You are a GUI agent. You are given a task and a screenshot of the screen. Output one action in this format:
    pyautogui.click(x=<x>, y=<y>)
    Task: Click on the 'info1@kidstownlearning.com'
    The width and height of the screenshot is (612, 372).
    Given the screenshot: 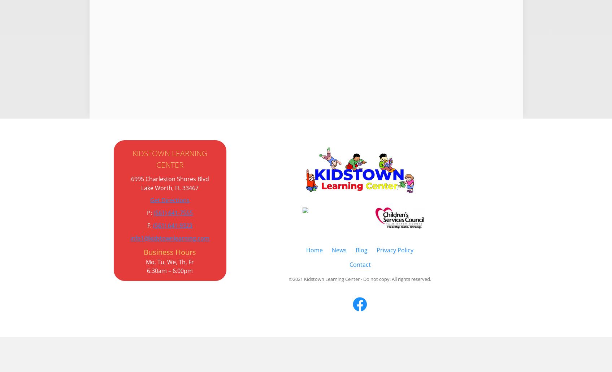 What is the action you would take?
    pyautogui.click(x=169, y=238)
    